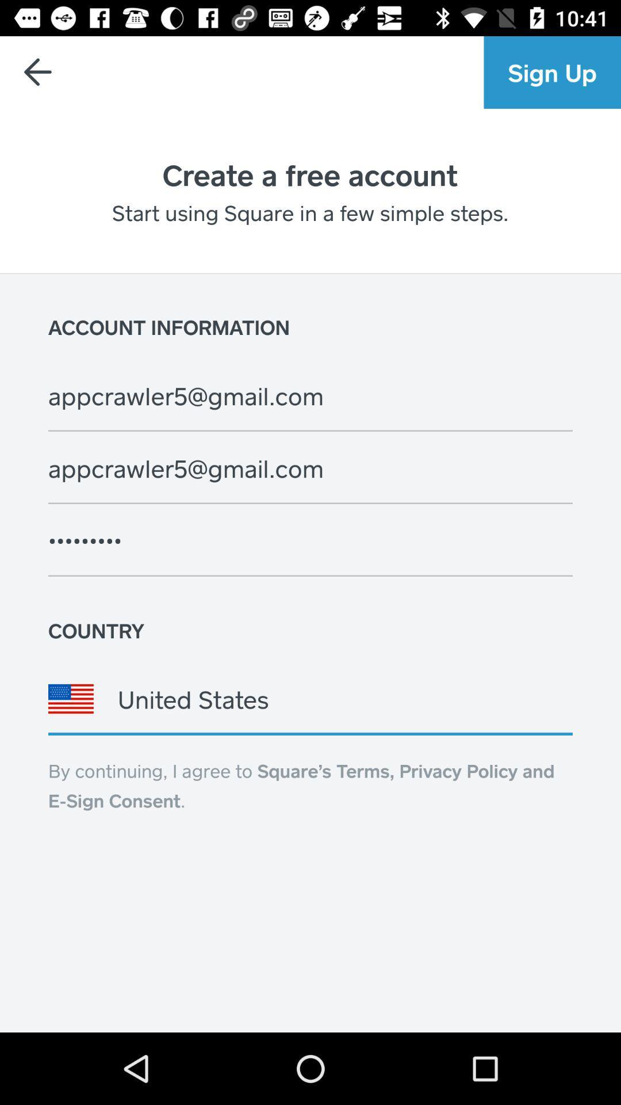  Describe the element at coordinates (310, 468) in the screenshot. I see `the second mail address` at that location.